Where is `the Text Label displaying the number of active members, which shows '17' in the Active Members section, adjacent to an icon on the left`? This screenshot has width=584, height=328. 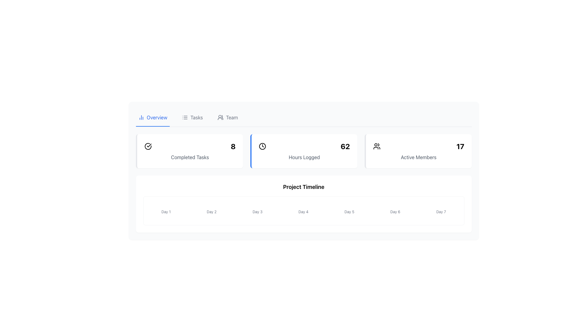
the Text Label displaying the number of active members, which shows '17' in the Active Members section, adjacent to an icon on the left is located at coordinates (460, 146).